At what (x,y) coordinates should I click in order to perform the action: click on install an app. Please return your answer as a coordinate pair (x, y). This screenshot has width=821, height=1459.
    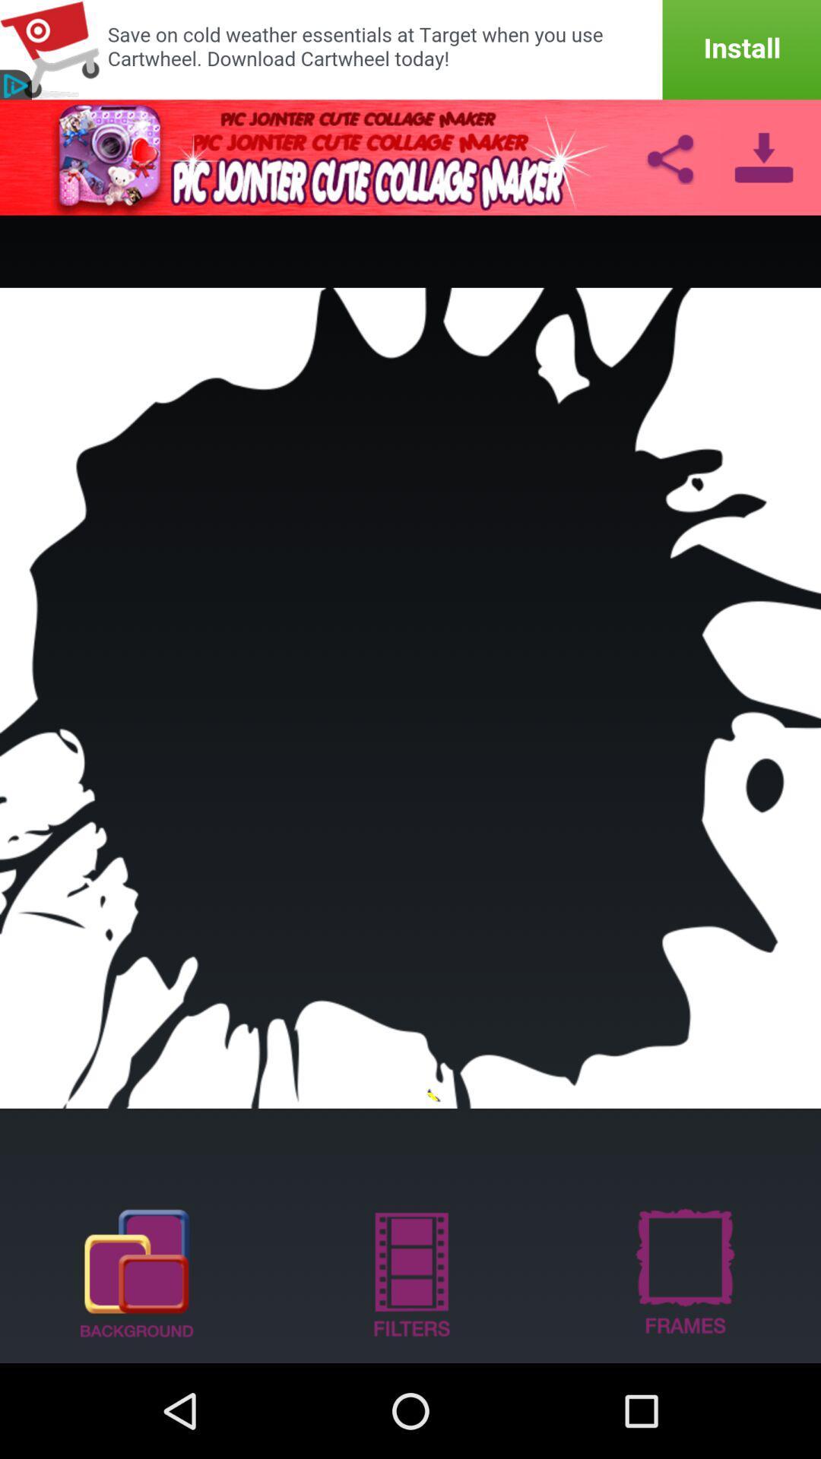
    Looking at the image, I should click on (410, 49).